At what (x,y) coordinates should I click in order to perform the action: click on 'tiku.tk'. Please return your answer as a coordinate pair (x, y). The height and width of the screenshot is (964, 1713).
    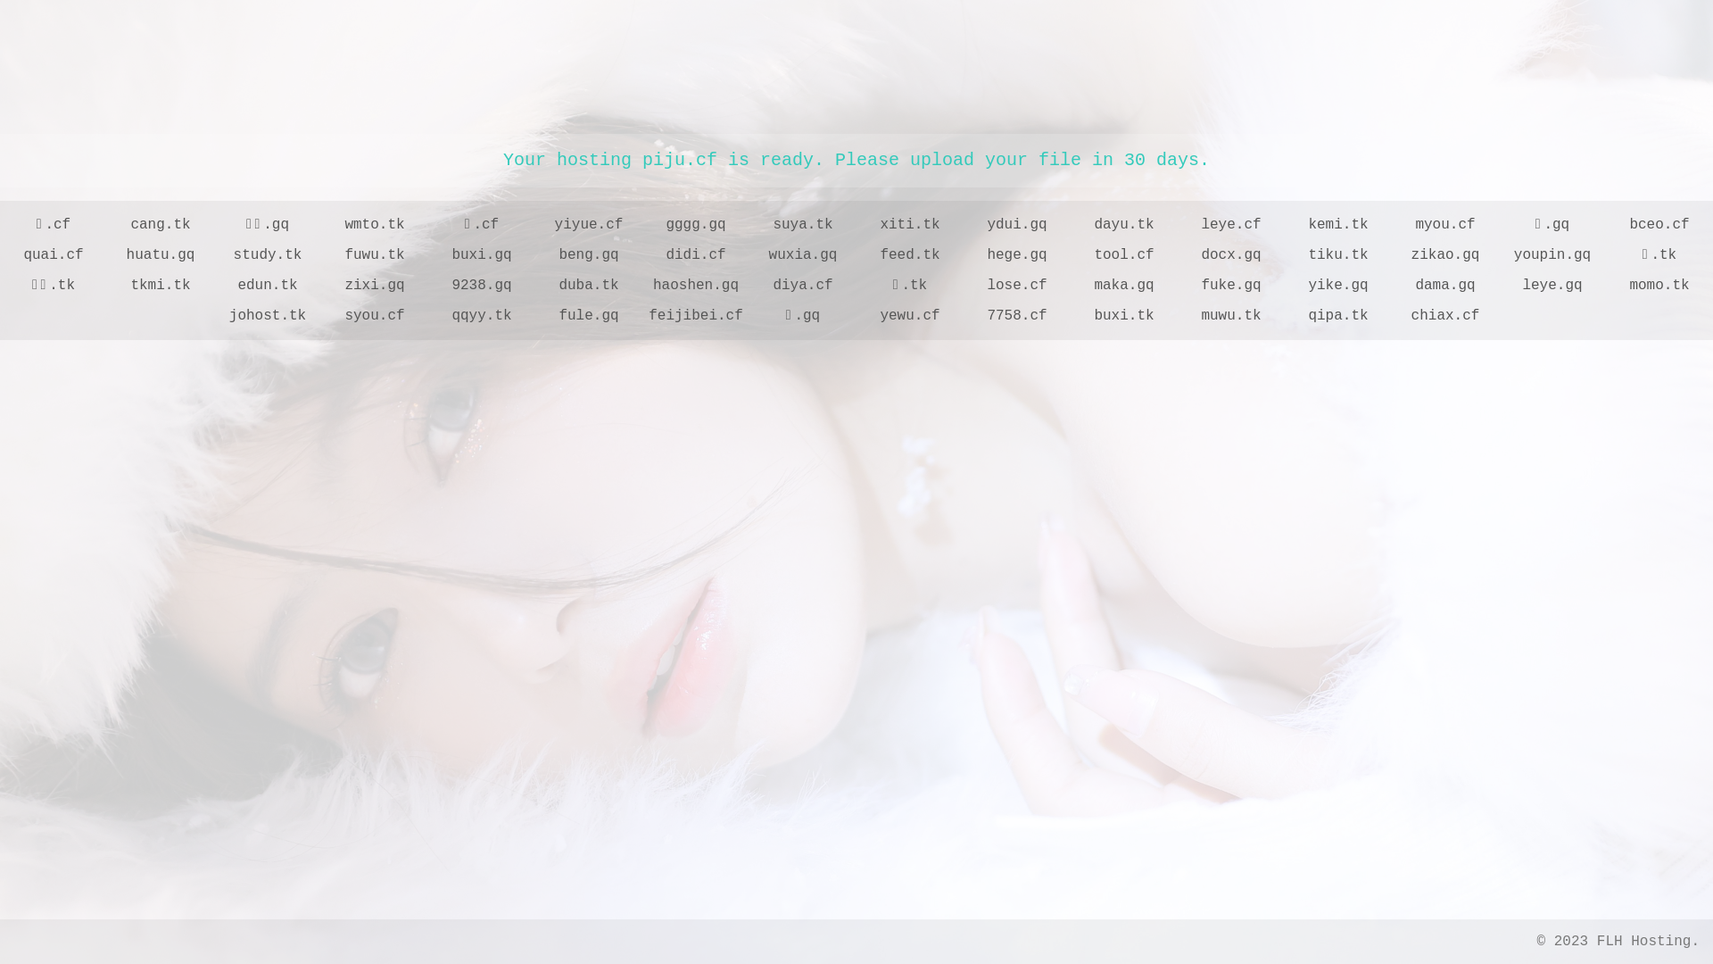
    Looking at the image, I should click on (1285, 254).